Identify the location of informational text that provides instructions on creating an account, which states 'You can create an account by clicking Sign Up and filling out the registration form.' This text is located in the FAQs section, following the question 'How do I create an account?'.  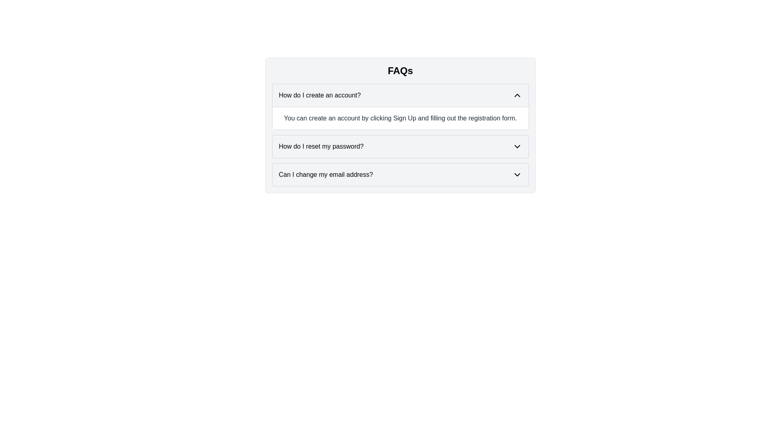
(400, 118).